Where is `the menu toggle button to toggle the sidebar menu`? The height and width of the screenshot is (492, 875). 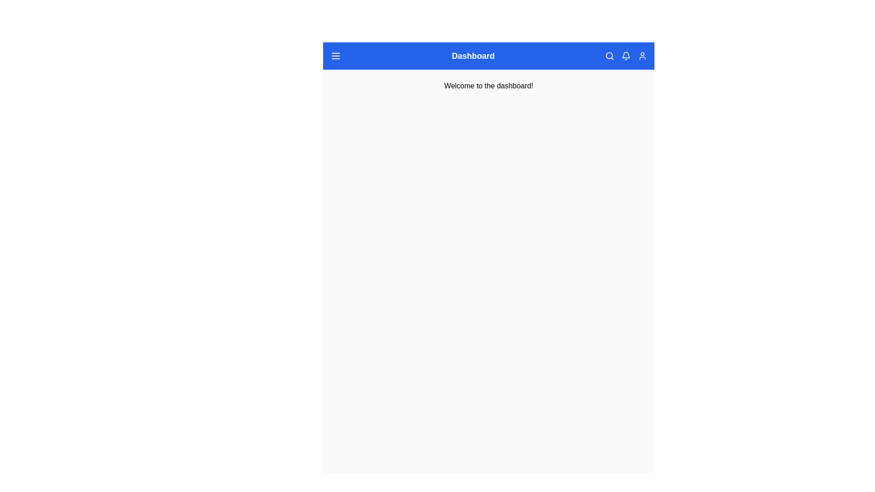 the menu toggle button to toggle the sidebar menu is located at coordinates (335, 56).